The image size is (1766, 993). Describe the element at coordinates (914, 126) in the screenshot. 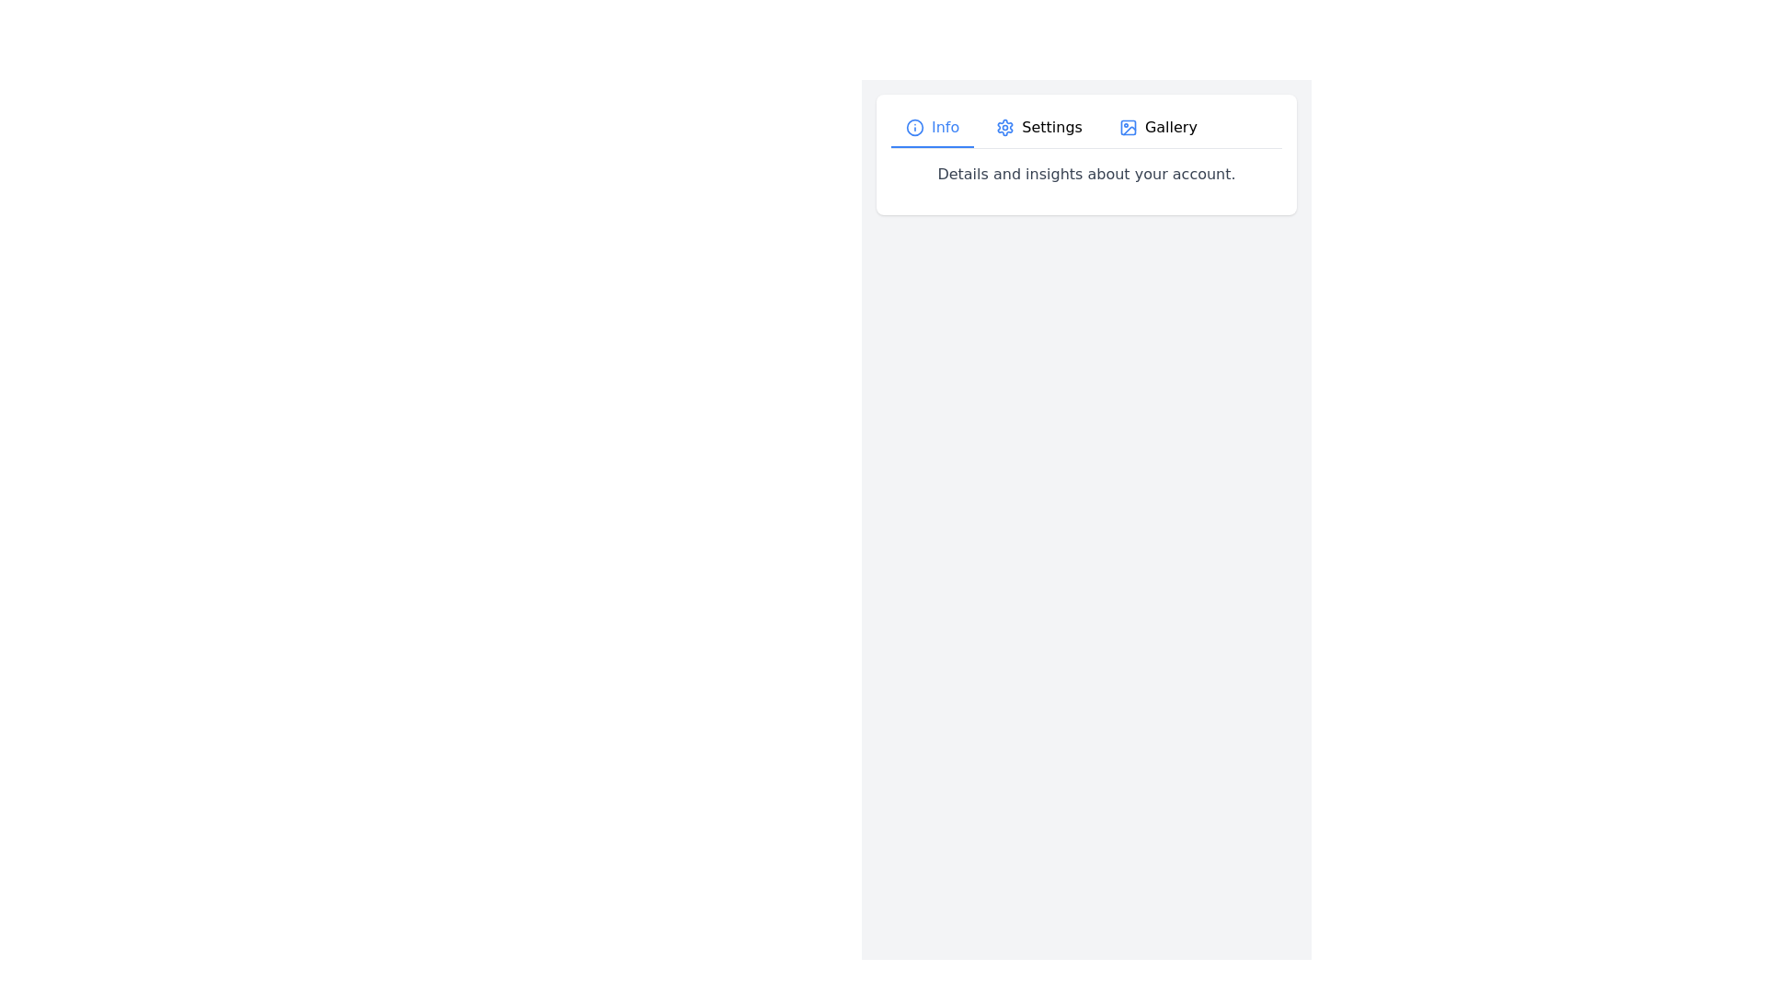

I see `the blue circular outline element that is part of the 'Info' icon, located at the top-left corner of the content box` at that location.